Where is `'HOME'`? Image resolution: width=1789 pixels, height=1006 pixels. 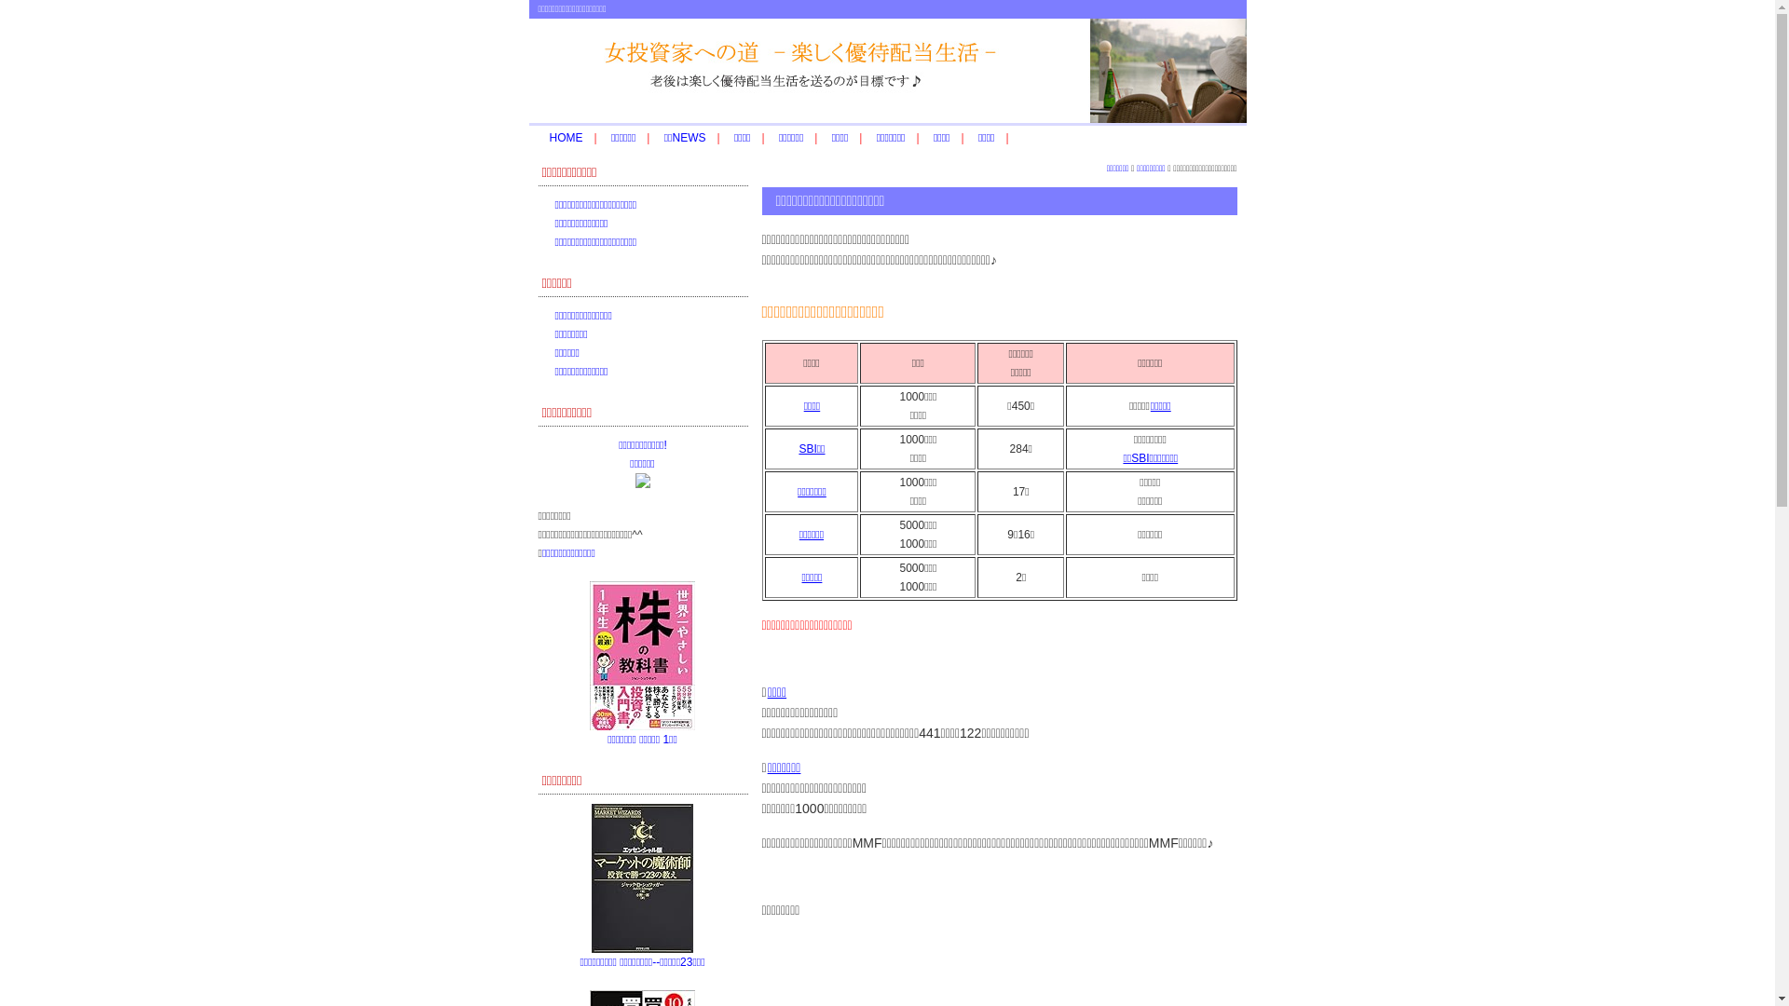
'HOME' is located at coordinates (566, 136).